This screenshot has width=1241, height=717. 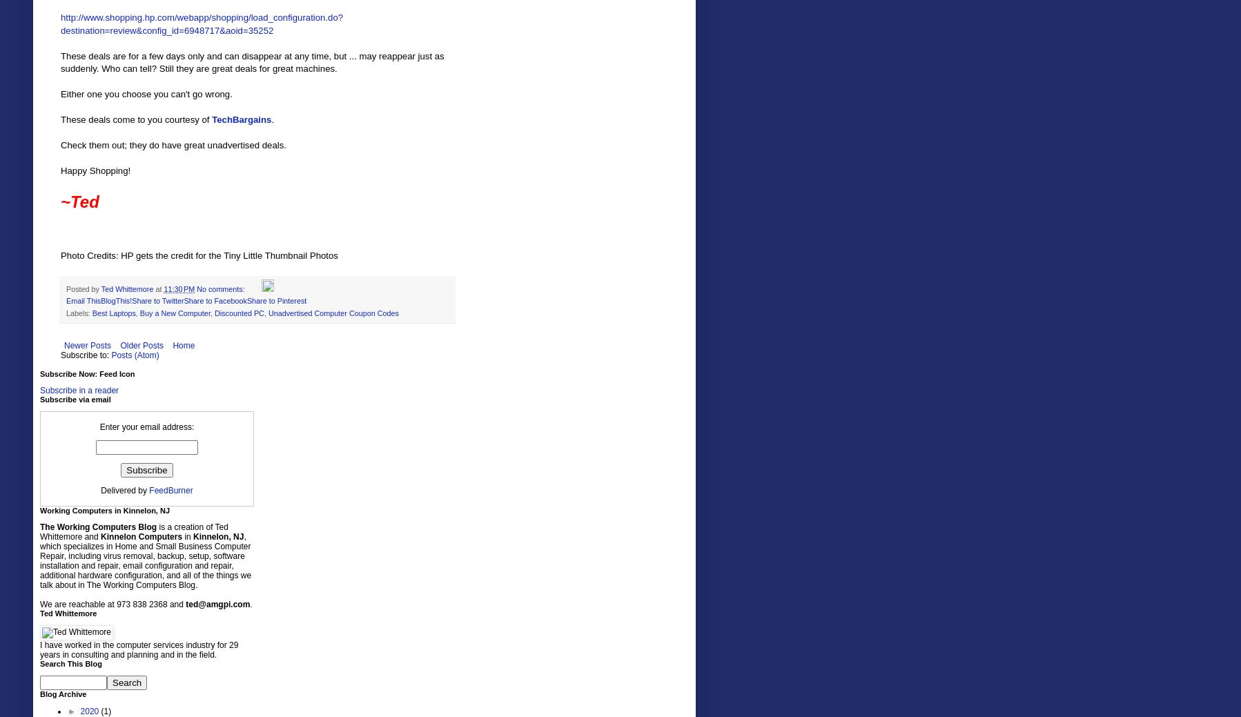 I want to click on 'Working Computers in Kinnelon, NJ', so click(x=104, y=509).